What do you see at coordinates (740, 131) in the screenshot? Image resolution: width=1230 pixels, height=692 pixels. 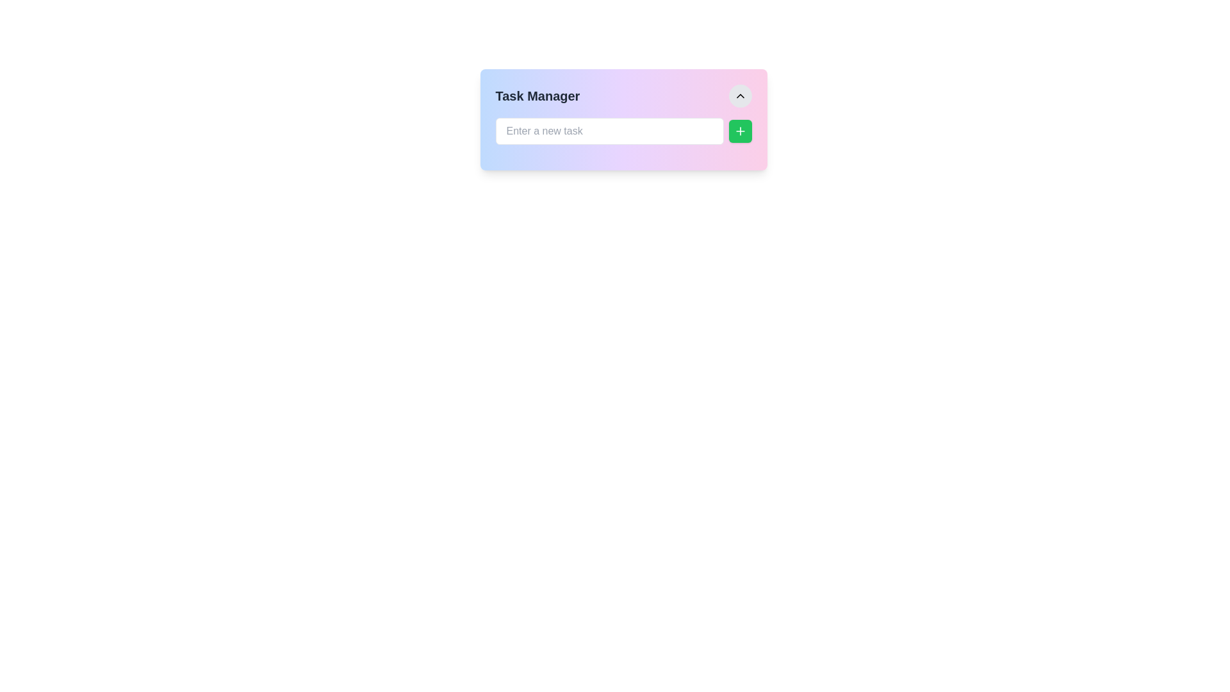 I see `the green rounded button with an SVG icon located on the right side of the interface` at bounding box center [740, 131].